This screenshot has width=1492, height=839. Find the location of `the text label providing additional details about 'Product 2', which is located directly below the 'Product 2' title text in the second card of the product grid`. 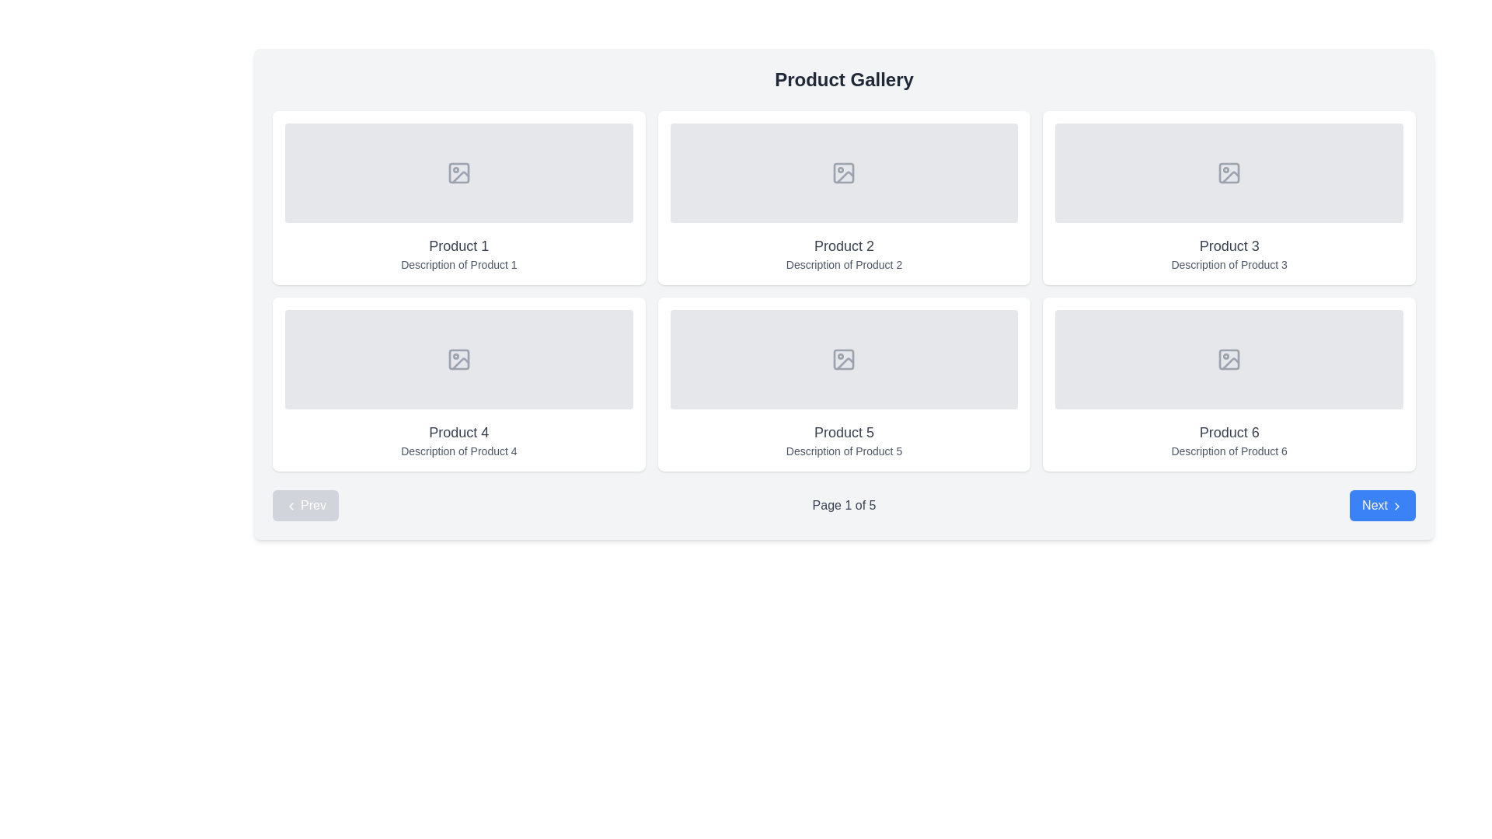

the text label providing additional details about 'Product 2', which is located directly below the 'Product 2' title text in the second card of the product grid is located at coordinates (843, 263).